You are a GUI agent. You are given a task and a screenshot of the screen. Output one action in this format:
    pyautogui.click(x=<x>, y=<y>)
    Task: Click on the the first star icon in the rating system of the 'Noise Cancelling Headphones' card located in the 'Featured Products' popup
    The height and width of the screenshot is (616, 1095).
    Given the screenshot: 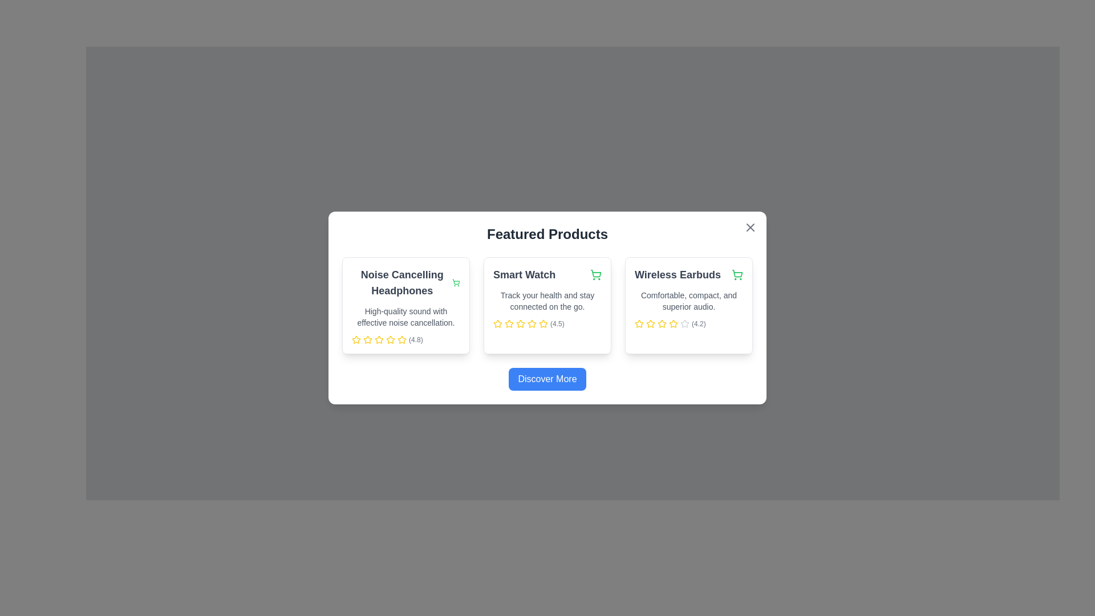 What is the action you would take?
    pyautogui.click(x=367, y=339)
    